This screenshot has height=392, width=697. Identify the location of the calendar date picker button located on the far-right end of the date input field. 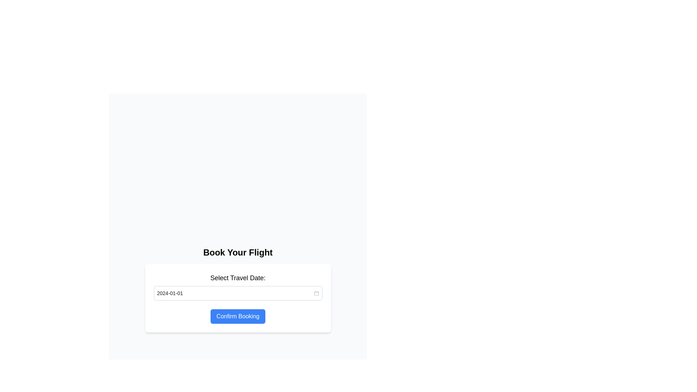
(316, 293).